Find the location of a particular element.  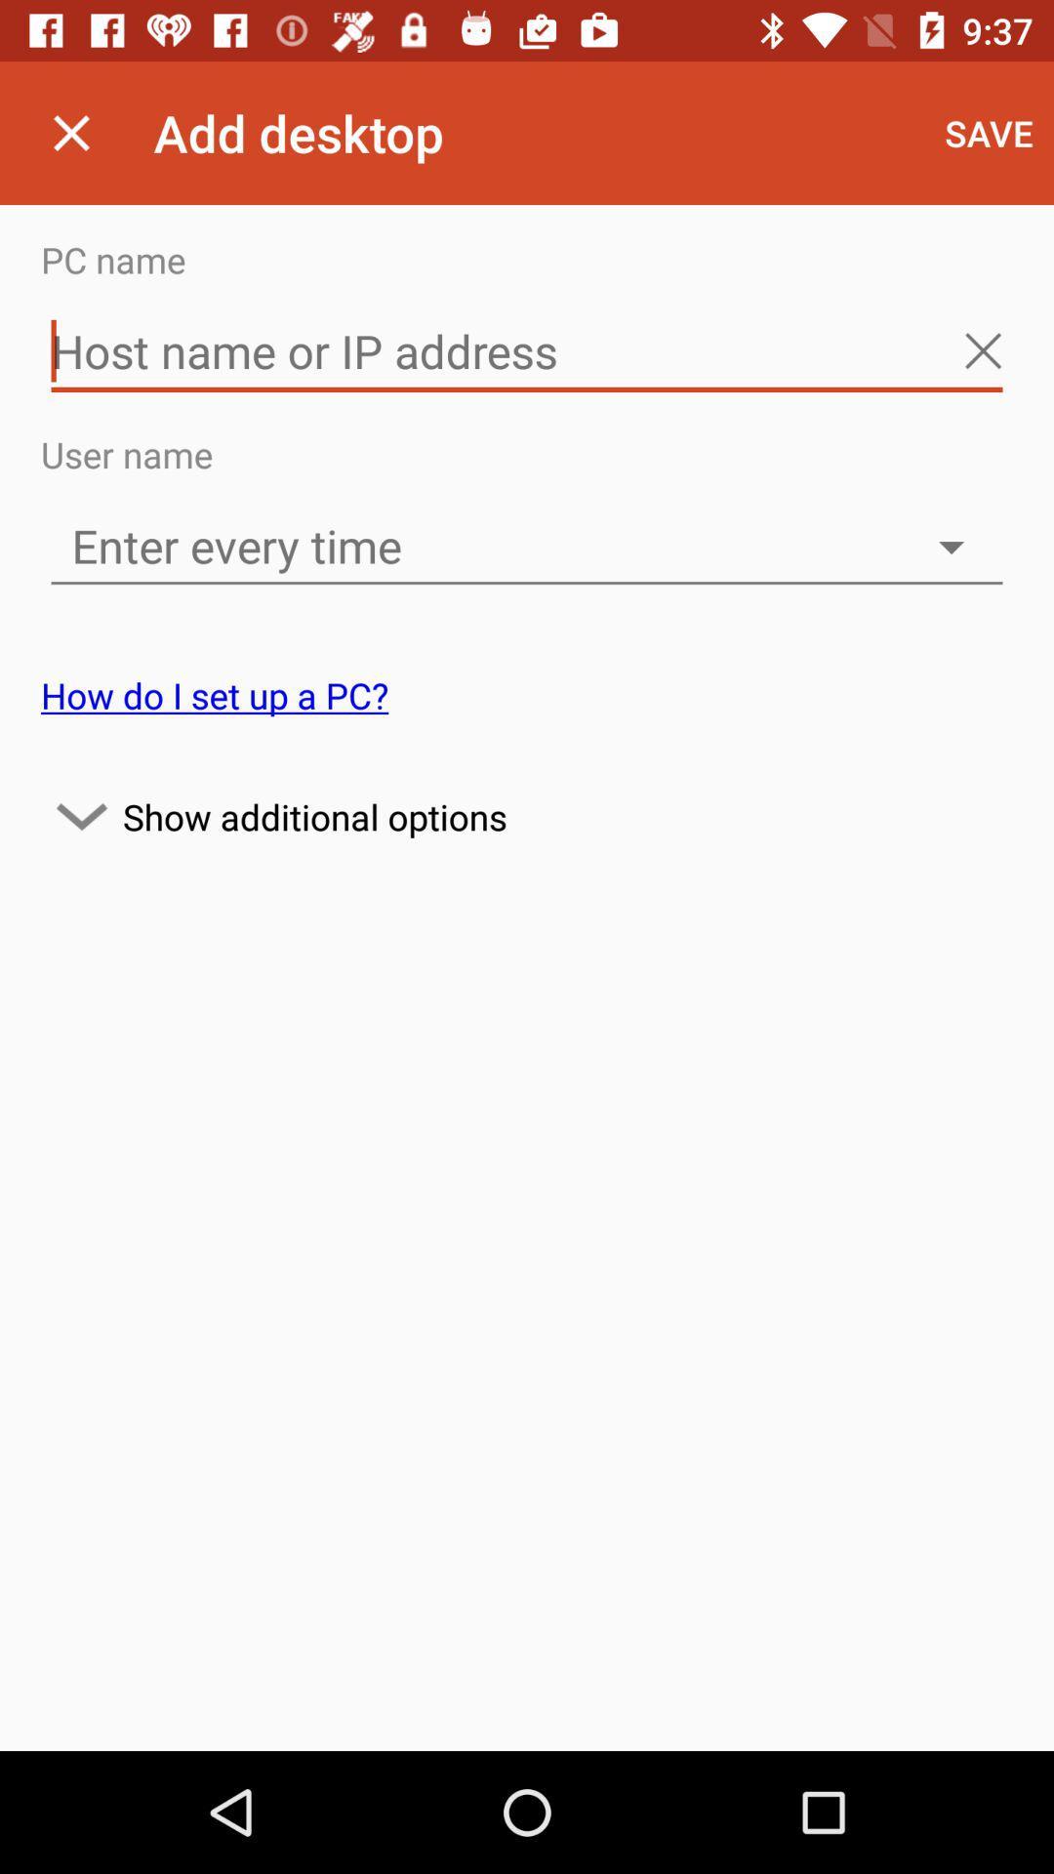

the save icon is located at coordinates (989, 132).